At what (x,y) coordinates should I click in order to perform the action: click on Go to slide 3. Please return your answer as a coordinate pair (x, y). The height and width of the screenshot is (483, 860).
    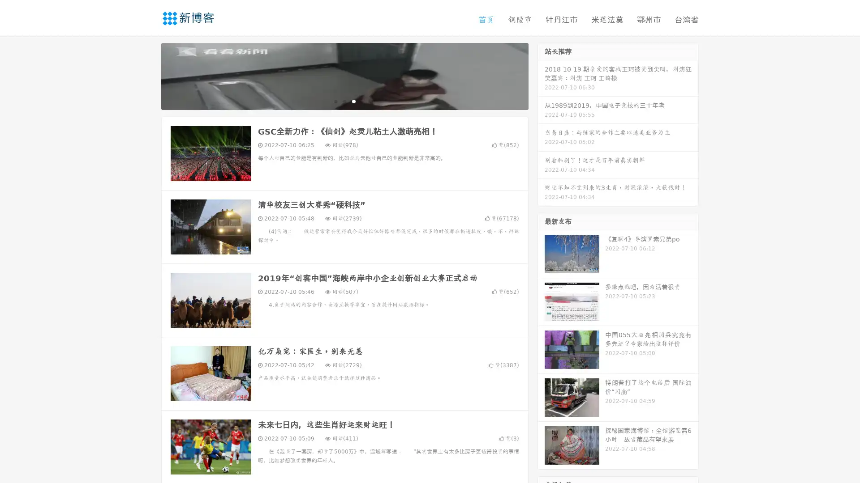
    Looking at the image, I should click on (353, 101).